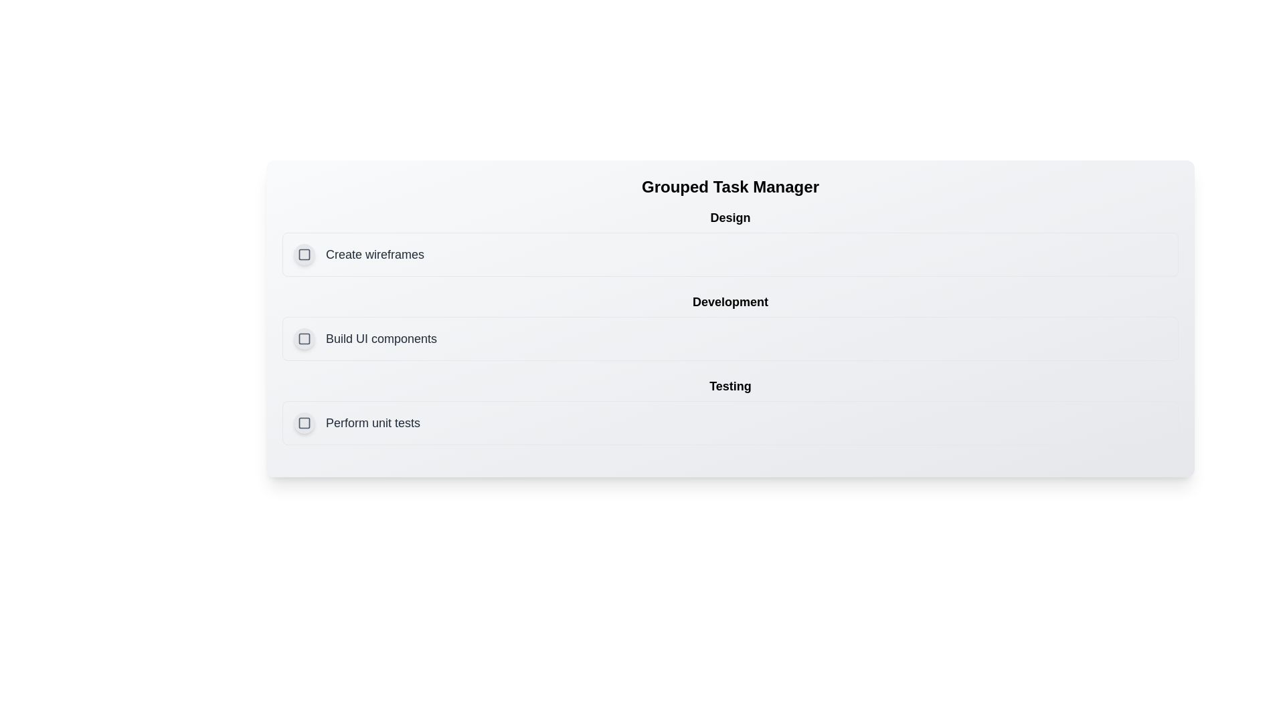  What do you see at coordinates (730, 217) in the screenshot?
I see `the 'Design' header element, which is prominently styled with a larger bold font and located at the top of the task manager UI, above the 'Create wireframes' task list` at bounding box center [730, 217].